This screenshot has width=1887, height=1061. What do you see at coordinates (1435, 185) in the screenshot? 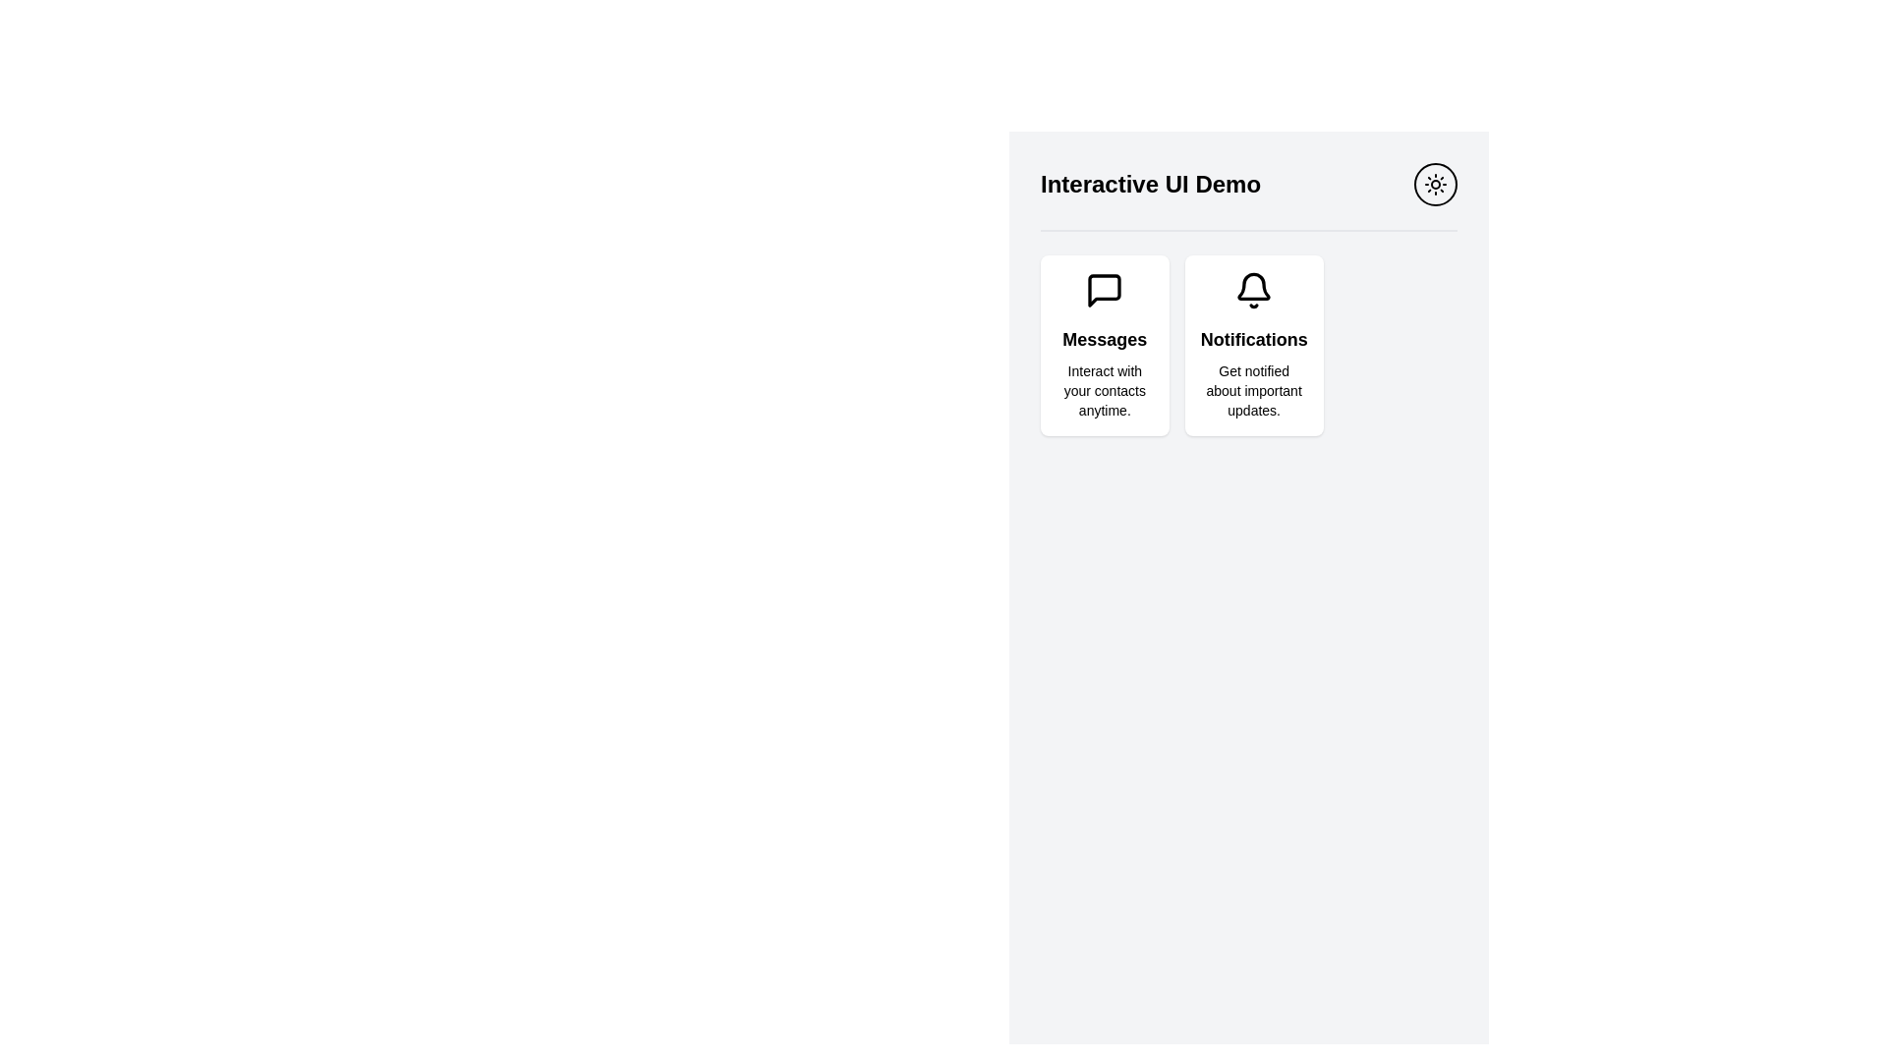
I see `the sun SVG icon located in the top-right circular button next to the 'Interactive UI Demo' title` at bounding box center [1435, 185].